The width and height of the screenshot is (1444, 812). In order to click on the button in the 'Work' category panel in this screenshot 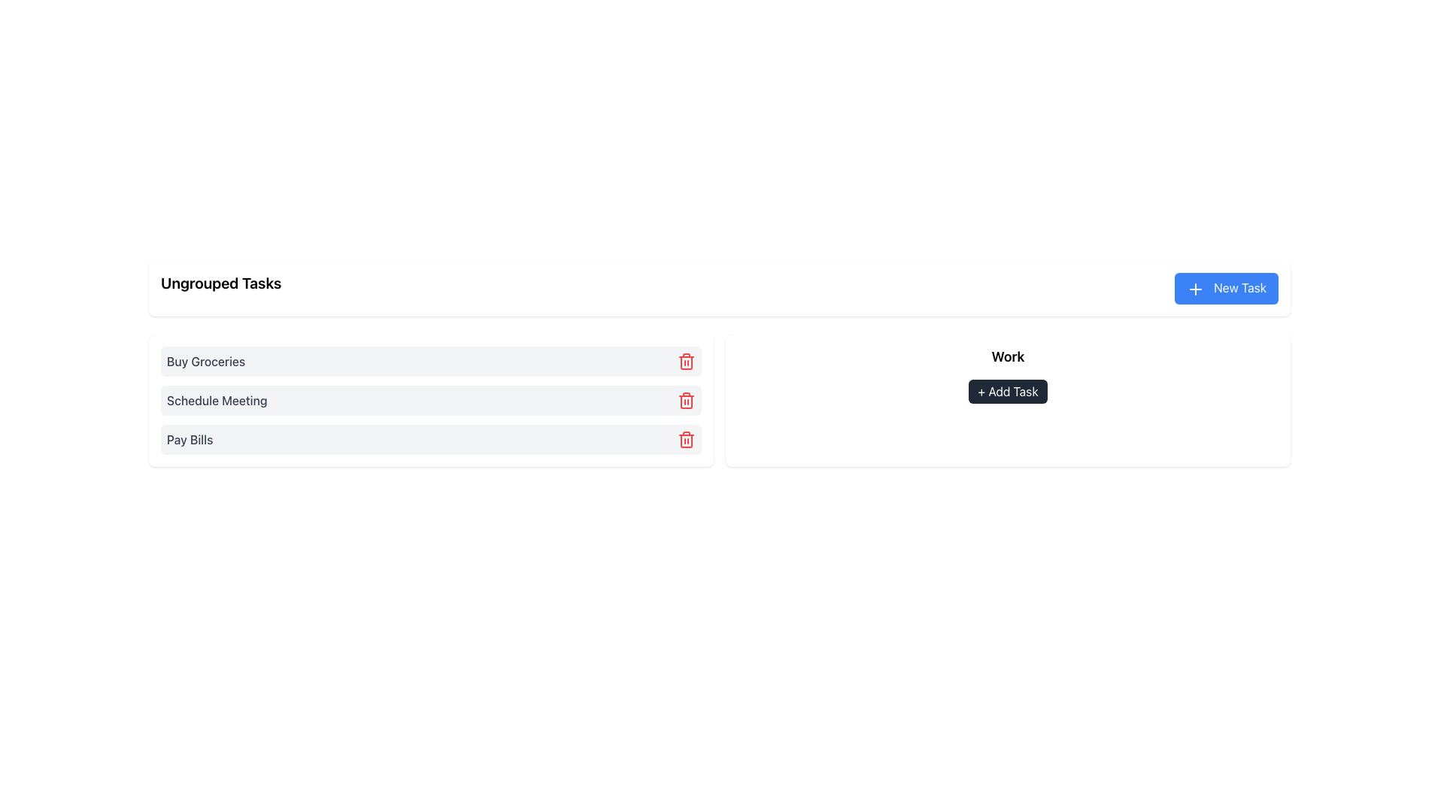, I will do `click(1008, 399)`.